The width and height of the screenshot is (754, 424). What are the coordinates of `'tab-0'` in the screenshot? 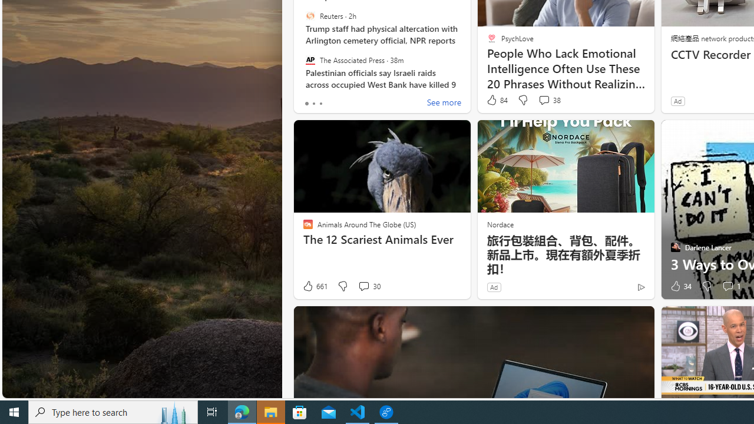 It's located at (306, 103).